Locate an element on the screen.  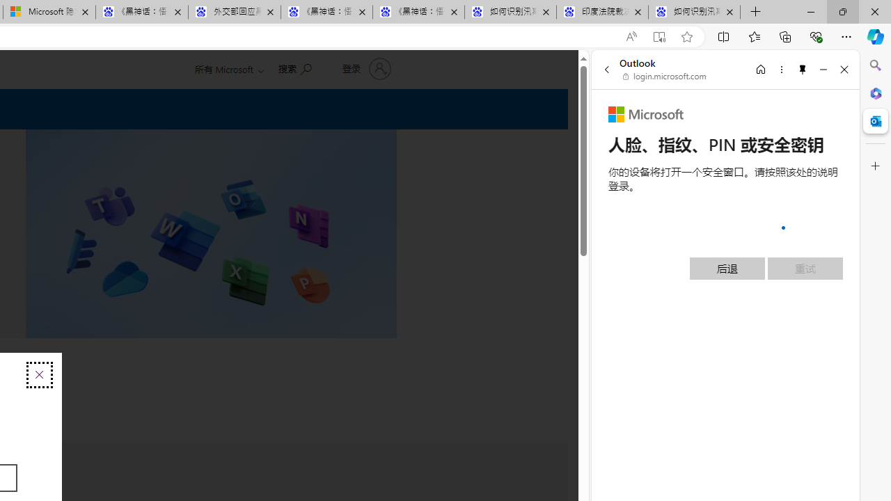
'More options' is located at coordinates (781, 69).